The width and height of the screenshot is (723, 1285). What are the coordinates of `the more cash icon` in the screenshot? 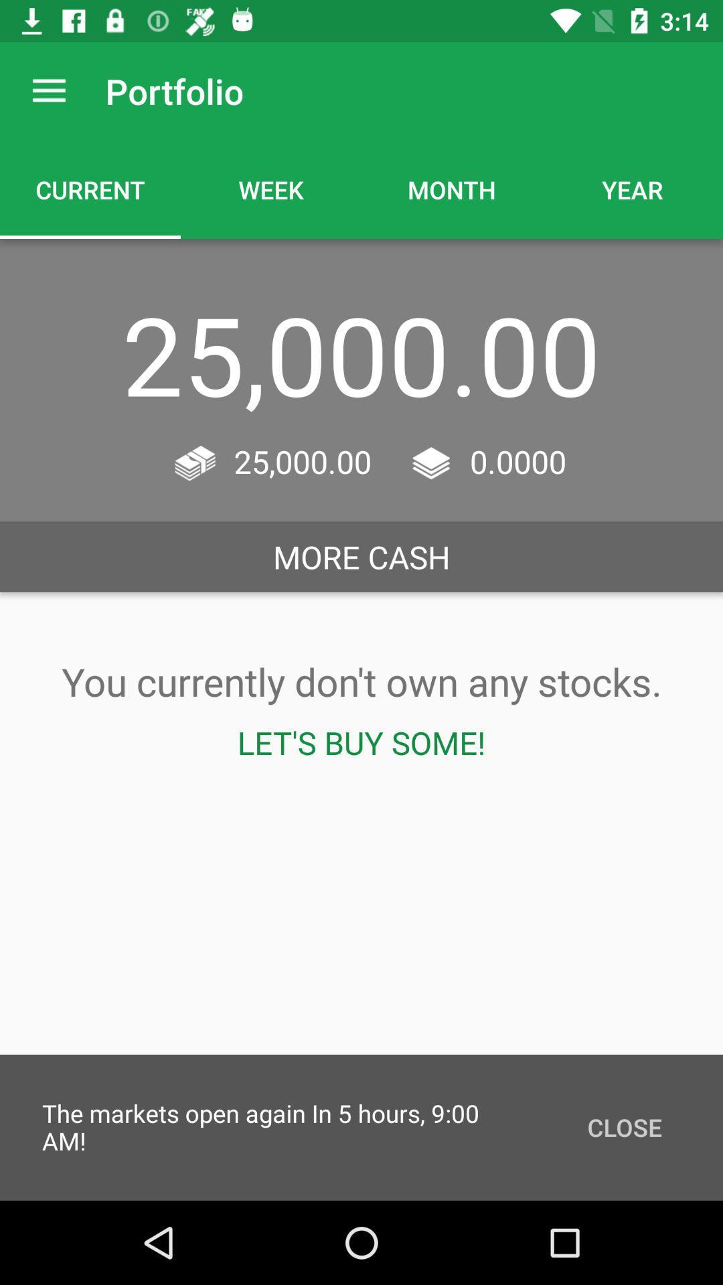 It's located at (361, 557).